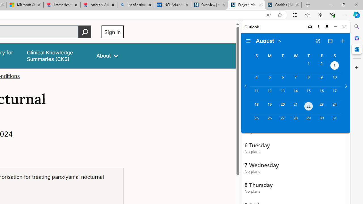 This screenshot has width=363, height=204. I want to click on 'About', so click(107, 56).